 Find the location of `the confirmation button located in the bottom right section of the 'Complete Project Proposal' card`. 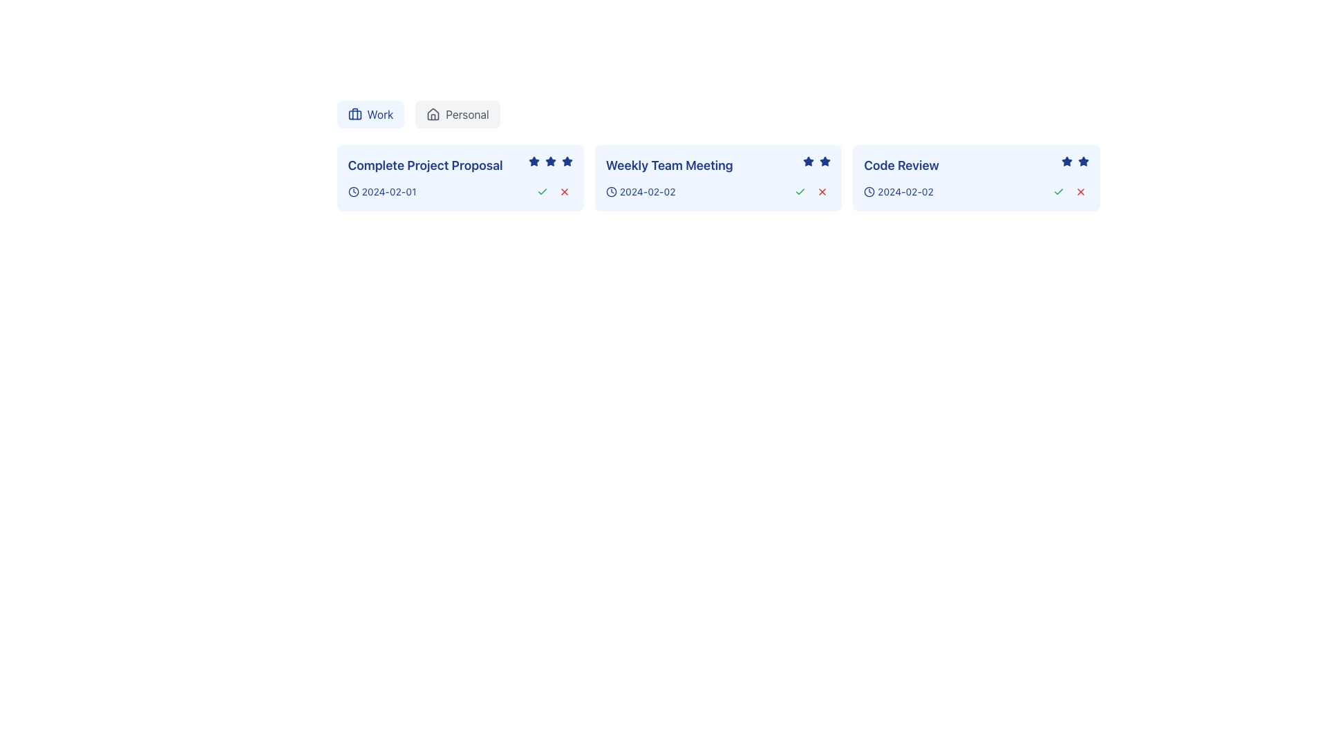

the confirmation button located in the bottom right section of the 'Complete Project Proposal' card is located at coordinates (541, 191).